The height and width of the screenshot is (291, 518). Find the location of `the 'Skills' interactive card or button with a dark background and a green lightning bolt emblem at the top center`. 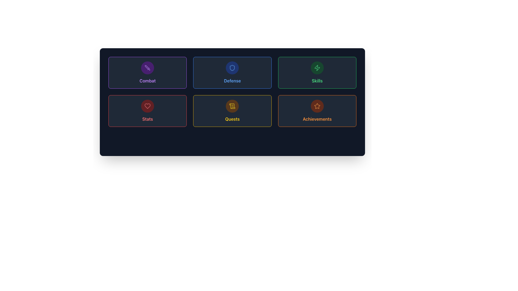

the 'Skills' interactive card or button with a dark background and a green lightning bolt emblem at the top center is located at coordinates (317, 73).